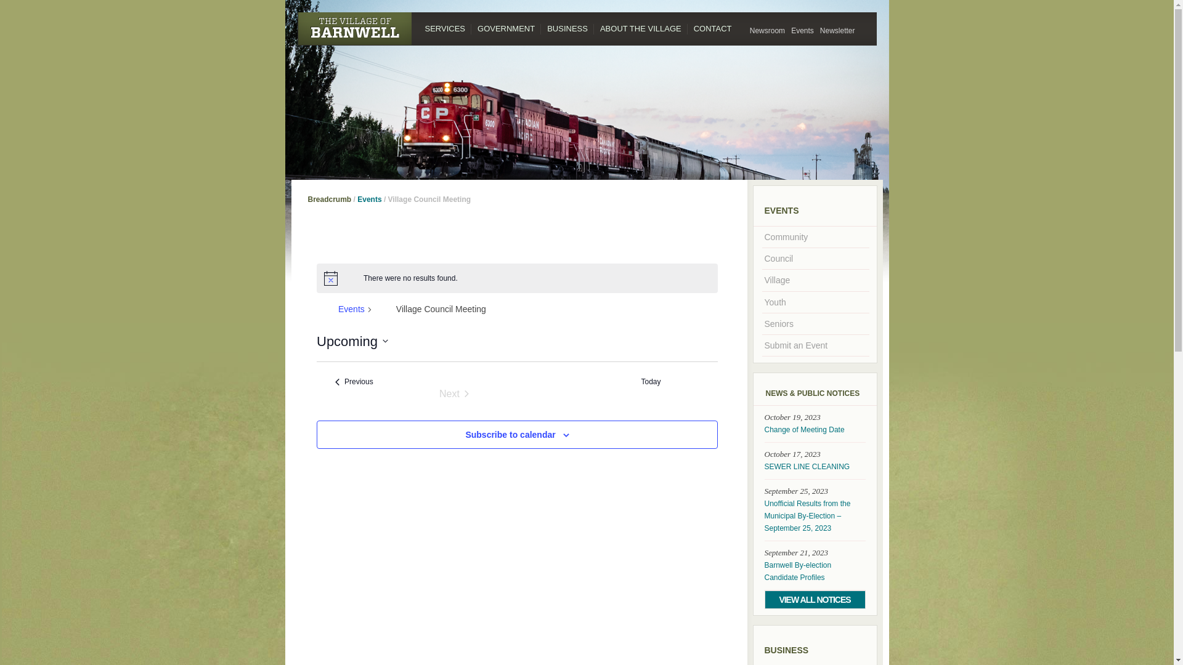 The width and height of the screenshot is (1183, 665). What do you see at coordinates (712, 28) in the screenshot?
I see `'CONTACT'` at bounding box center [712, 28].